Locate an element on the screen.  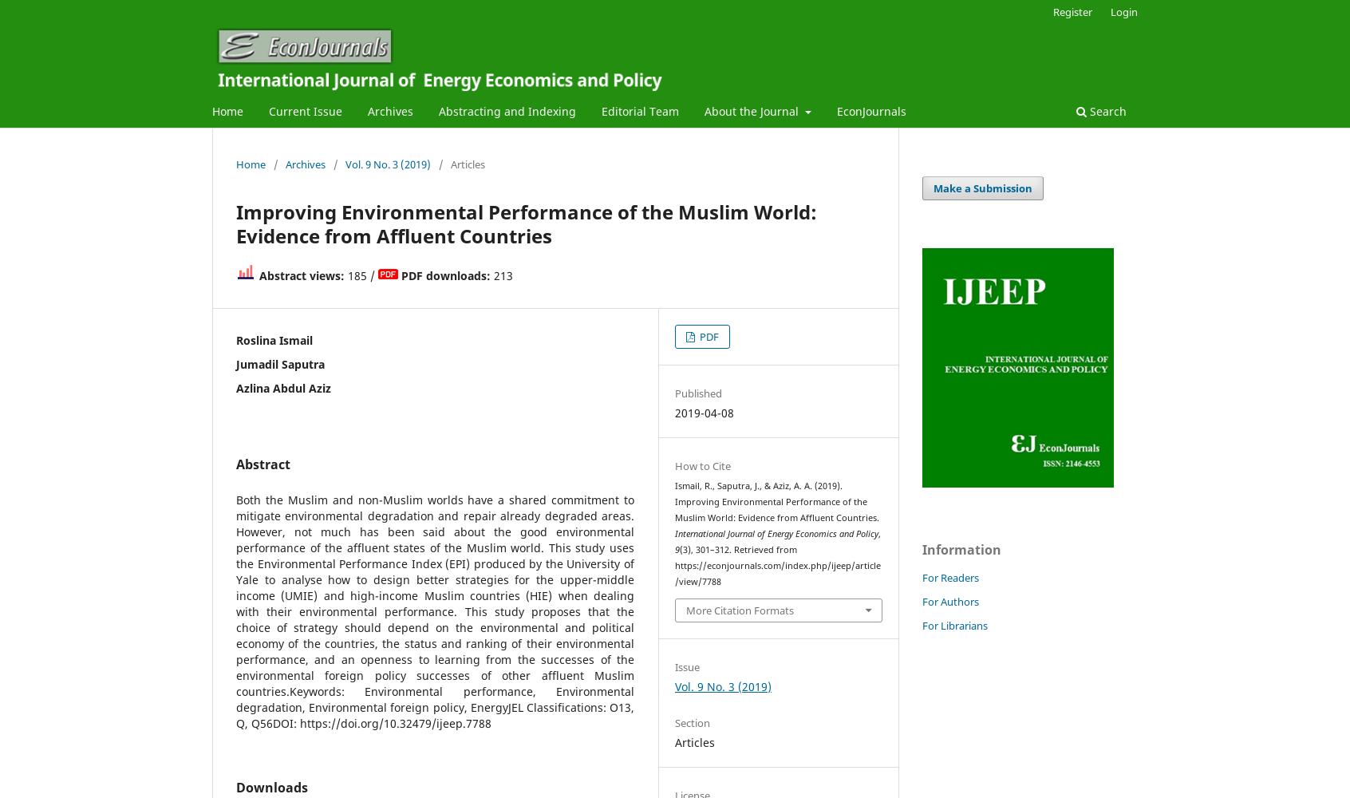
'Jumadil Saputra' is located at coordinates (279, 362).